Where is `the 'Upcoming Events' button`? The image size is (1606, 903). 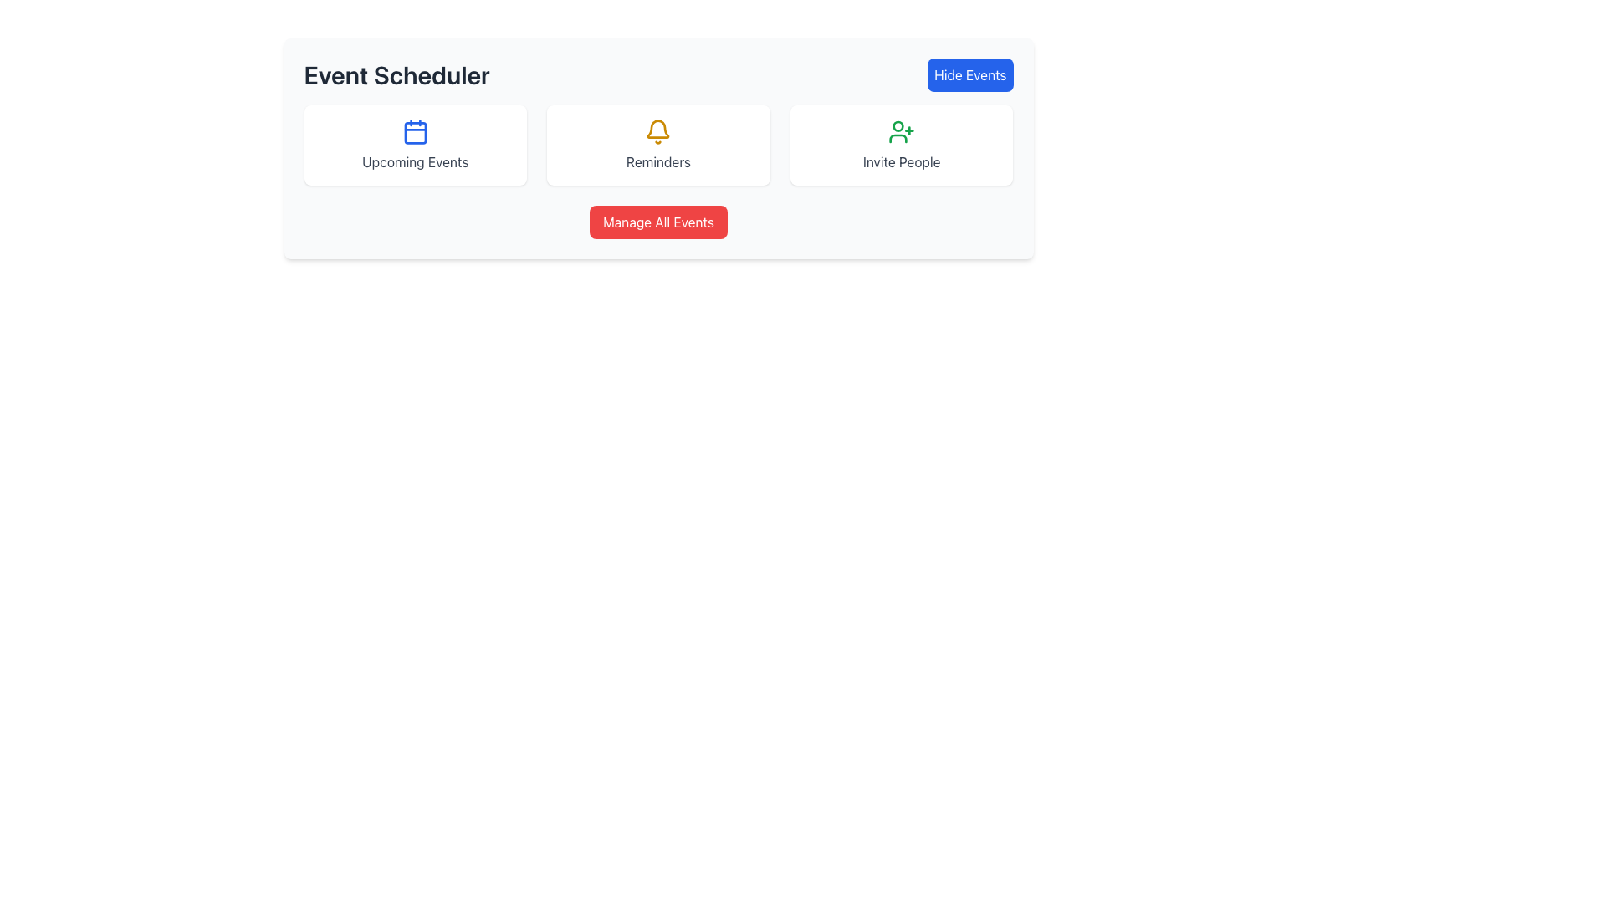
the 'Upcoming Events' button is located at coordinates (415, 144).